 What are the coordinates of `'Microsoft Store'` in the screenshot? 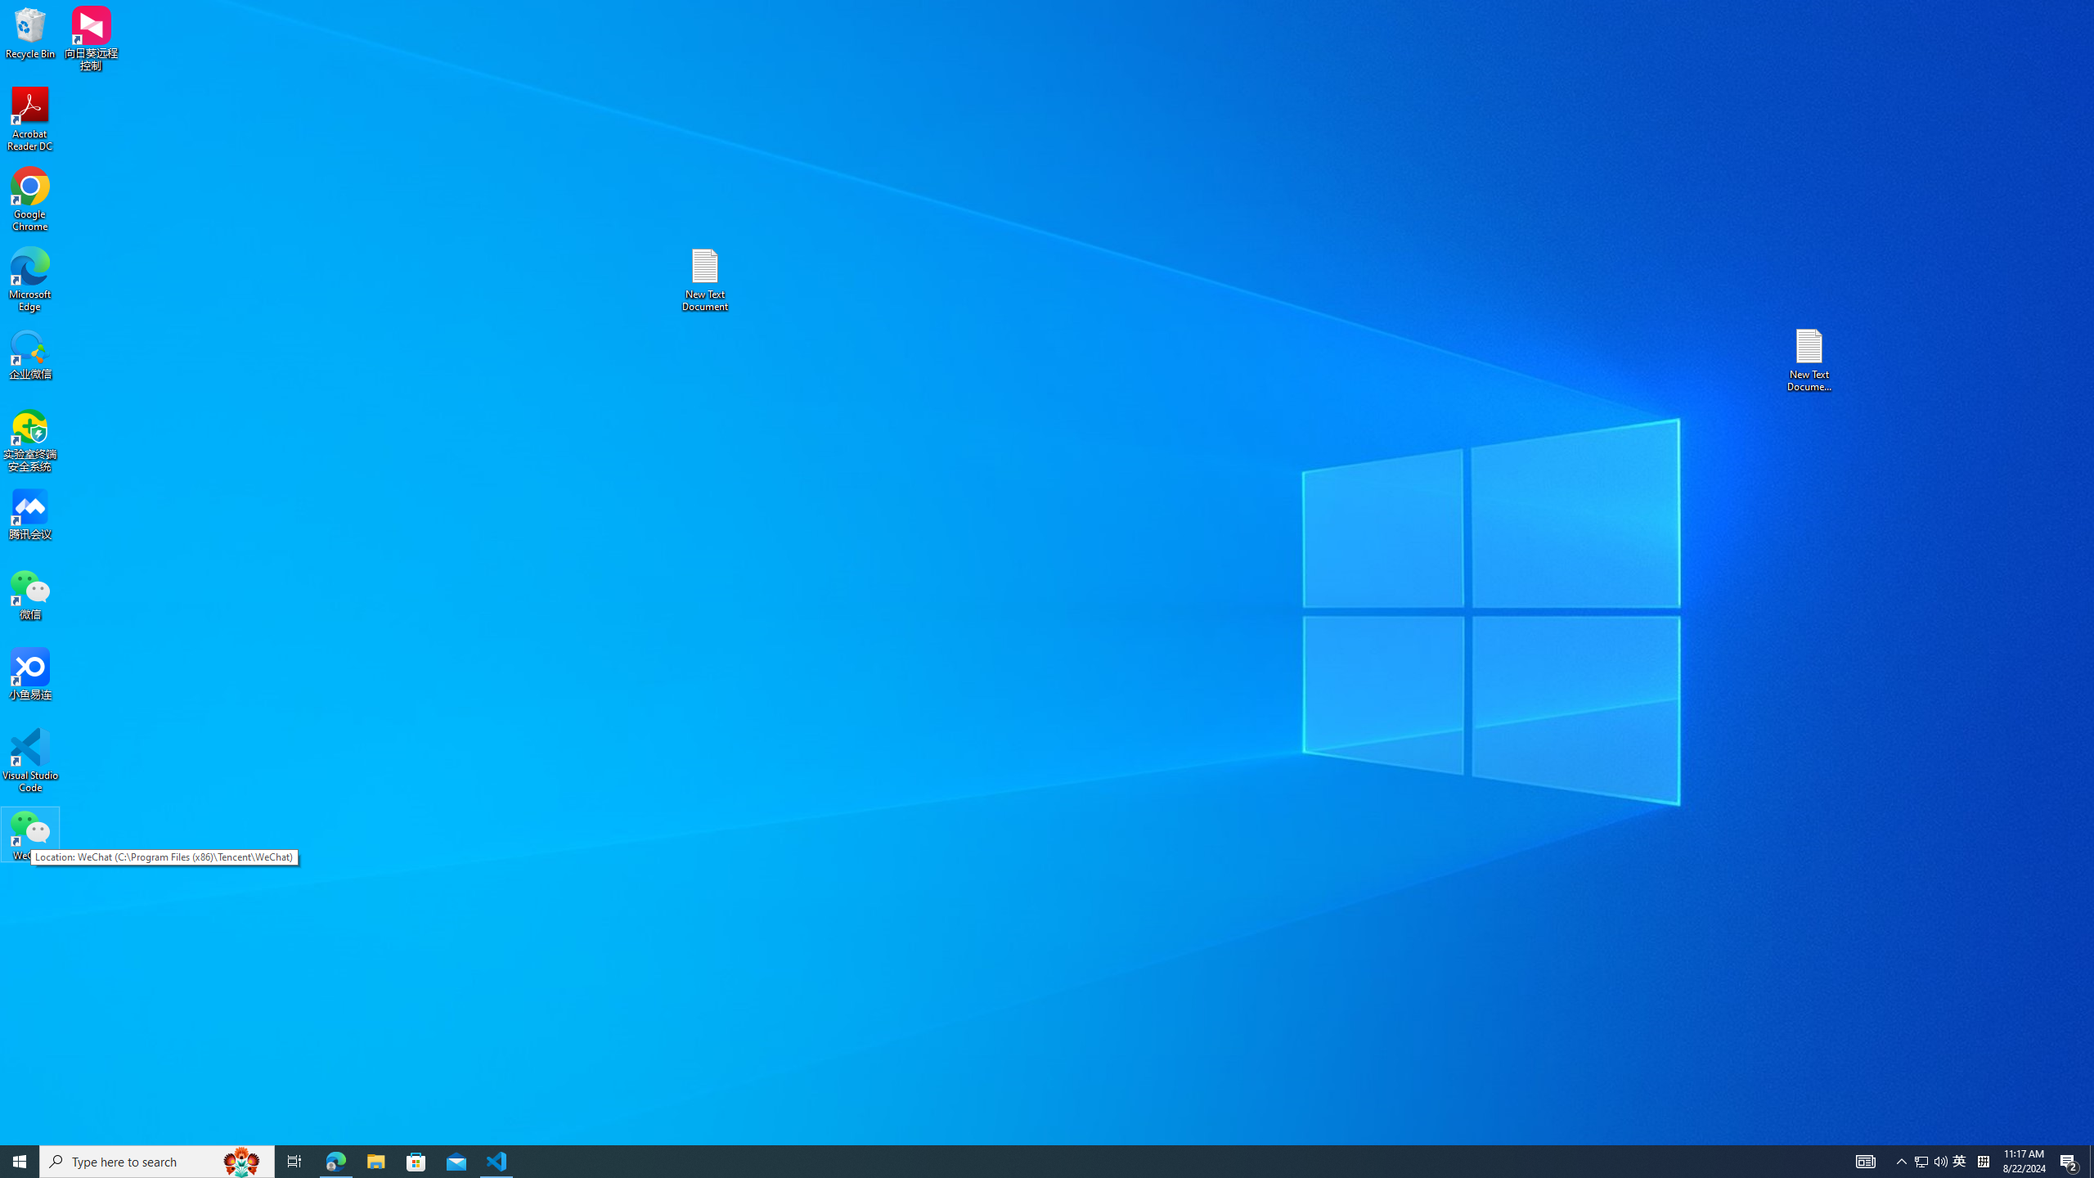 It's located at (416, 1160).